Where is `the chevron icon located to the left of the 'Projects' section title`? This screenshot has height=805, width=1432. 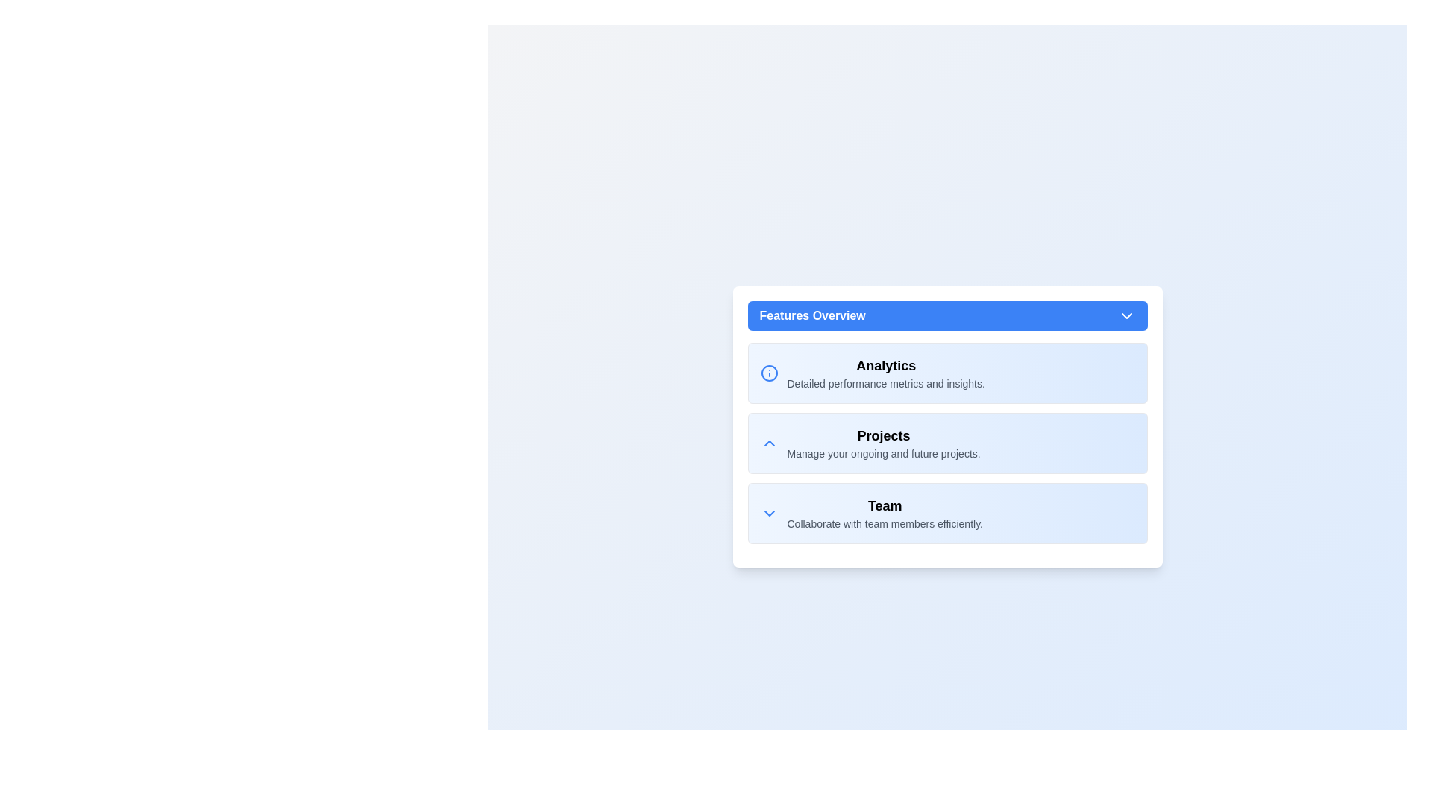
the chevron icon located to the left of the 'Projects' section title is located at coordinates (769, 442).